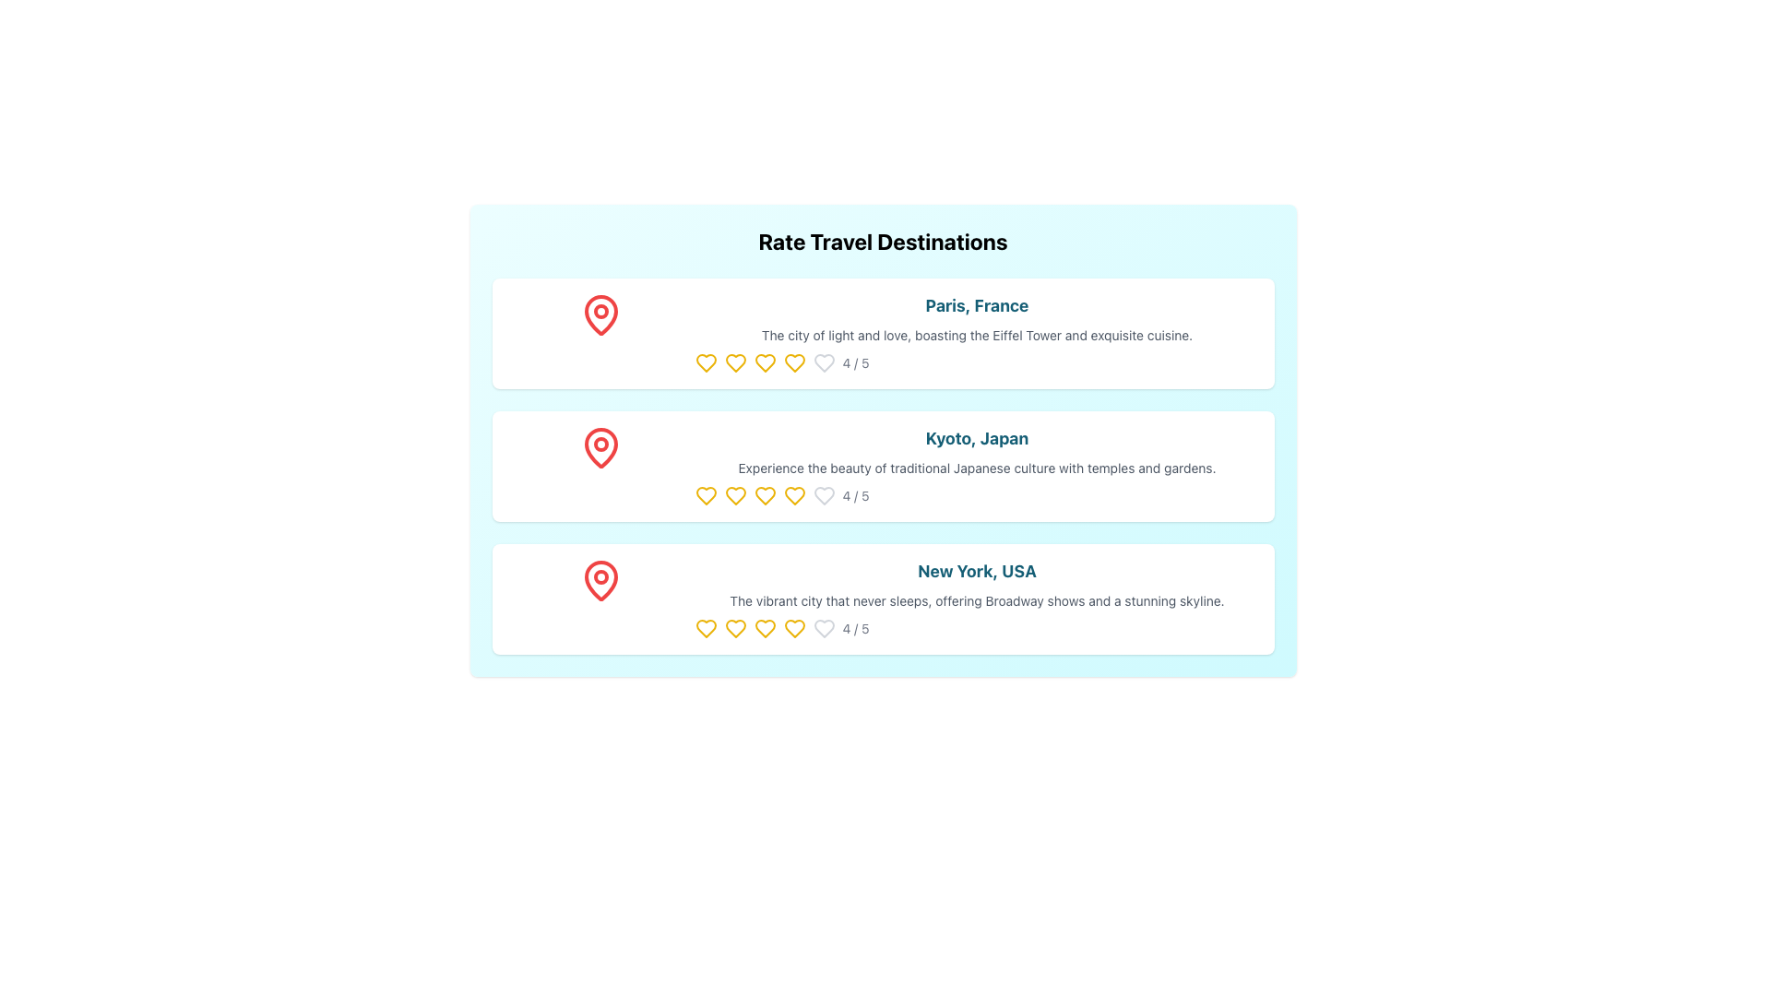  What do you see at coordinates (823, 628) in the screenshot?
I see `the unselected heart rating icon, which is the fifth in a series of five rating icons, located to the left of the text '4/5' in the third card labeled 'New York, USA'` at bounding box center [823, 628].